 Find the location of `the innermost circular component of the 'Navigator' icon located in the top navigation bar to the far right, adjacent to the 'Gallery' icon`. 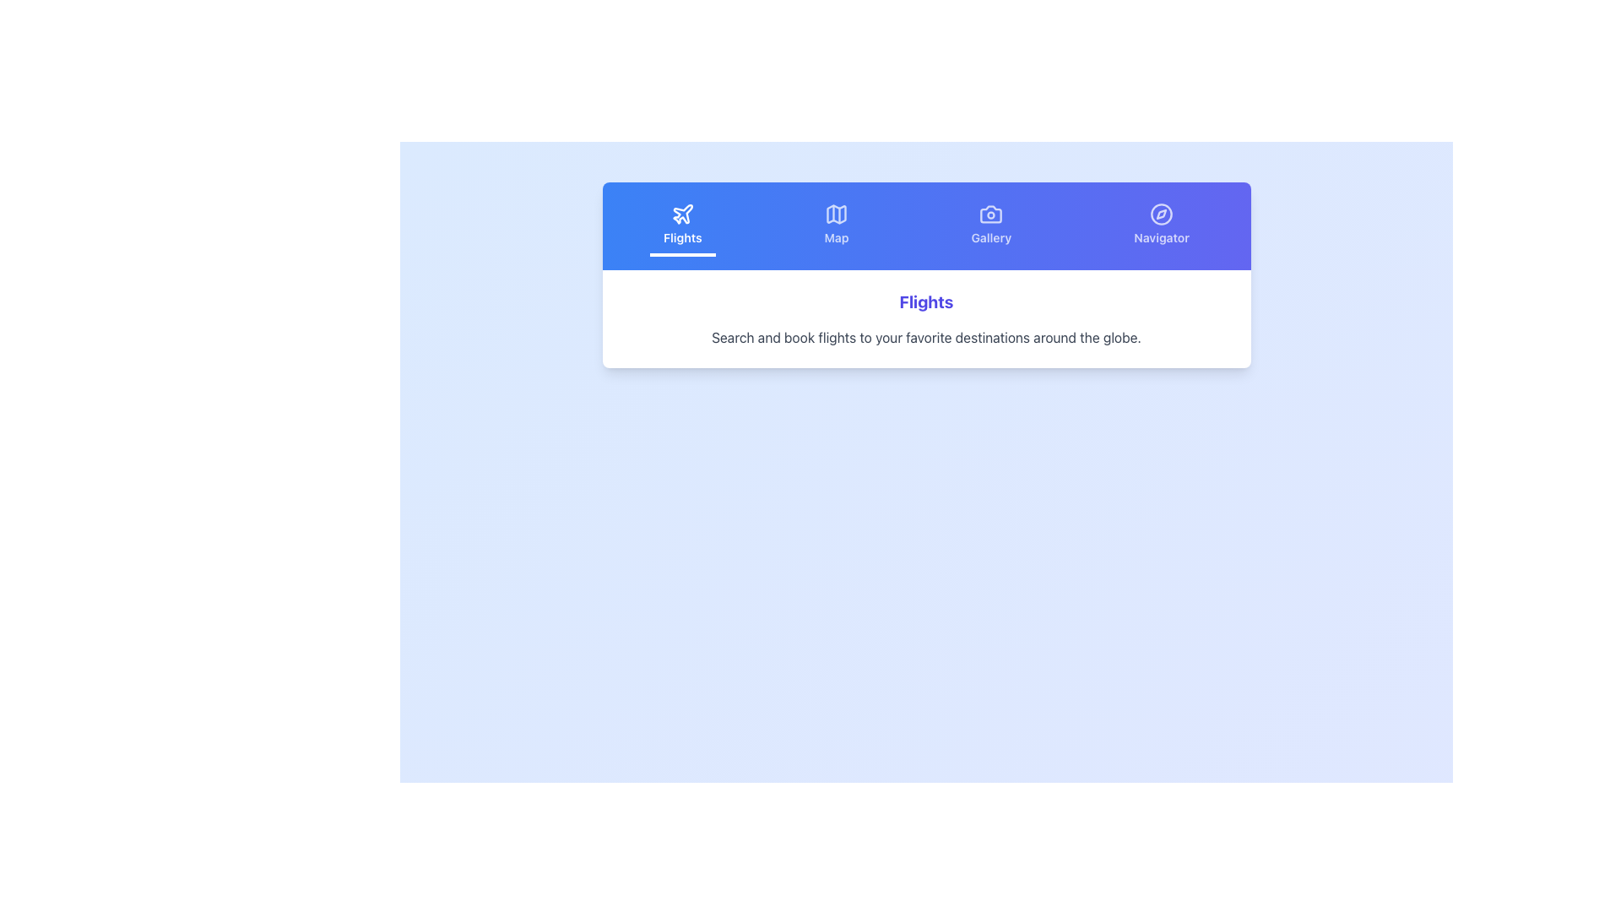

the innermost circular component of the 'Navigator' icon located in the top navigation bar to the far right, adjacent to the 'Gallery' icon is located at coordinates (1161, 214).